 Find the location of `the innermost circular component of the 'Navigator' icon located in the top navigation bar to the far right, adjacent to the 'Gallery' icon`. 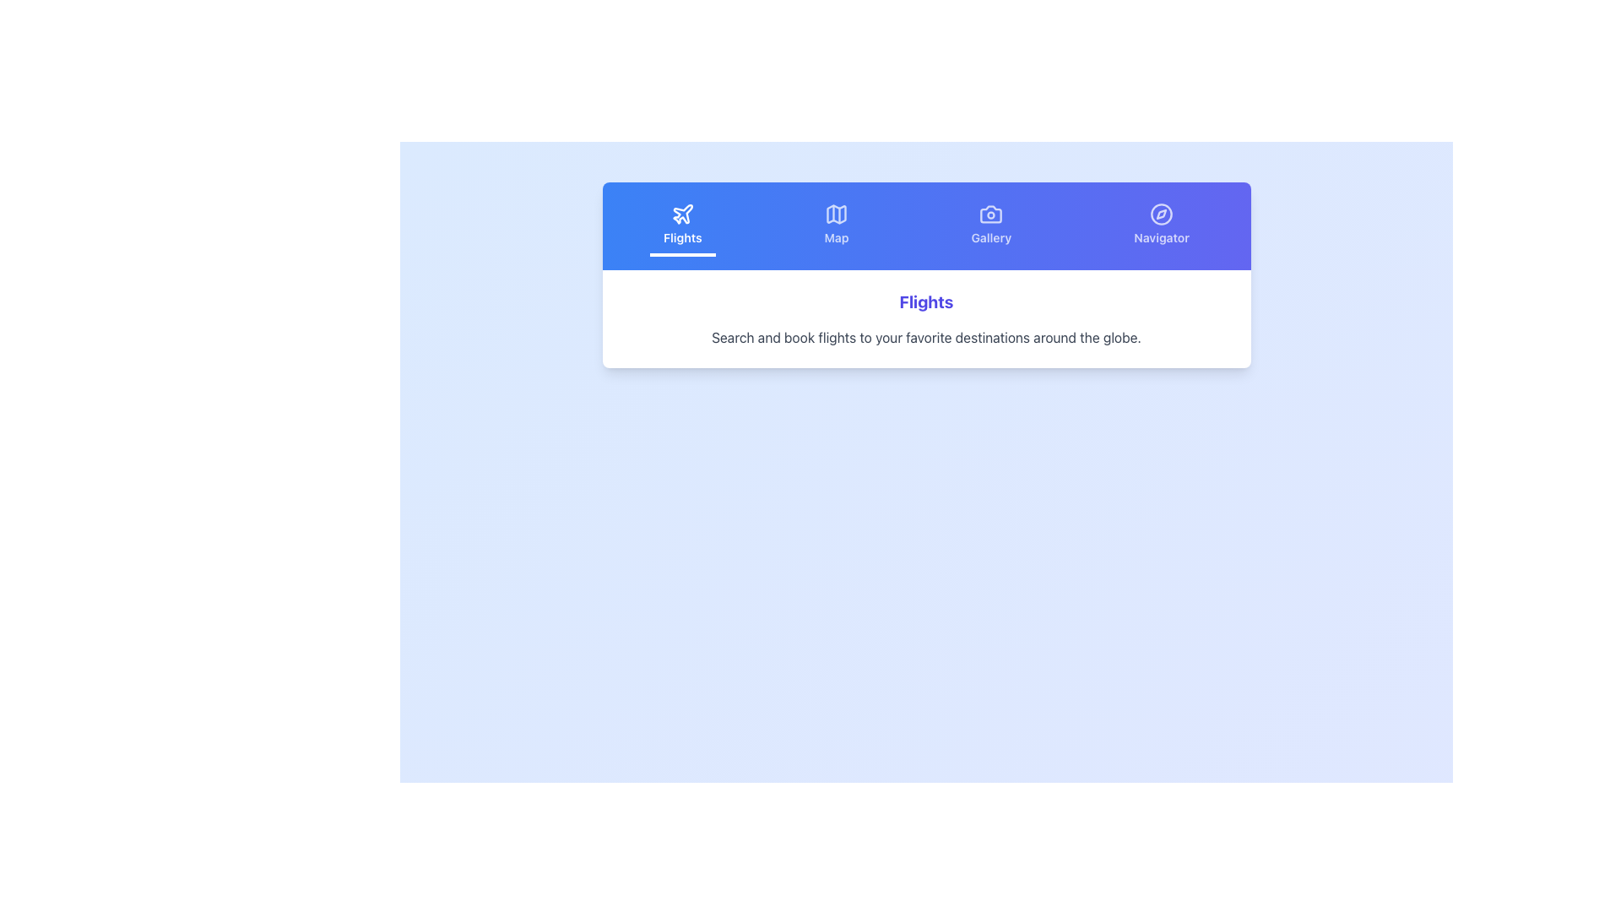

the innermost circular component of the 'Navigator' icon located in the top navigation bar to the far right, adjacent to the 'Gallery' icon is located at coordinates (1161, 214).